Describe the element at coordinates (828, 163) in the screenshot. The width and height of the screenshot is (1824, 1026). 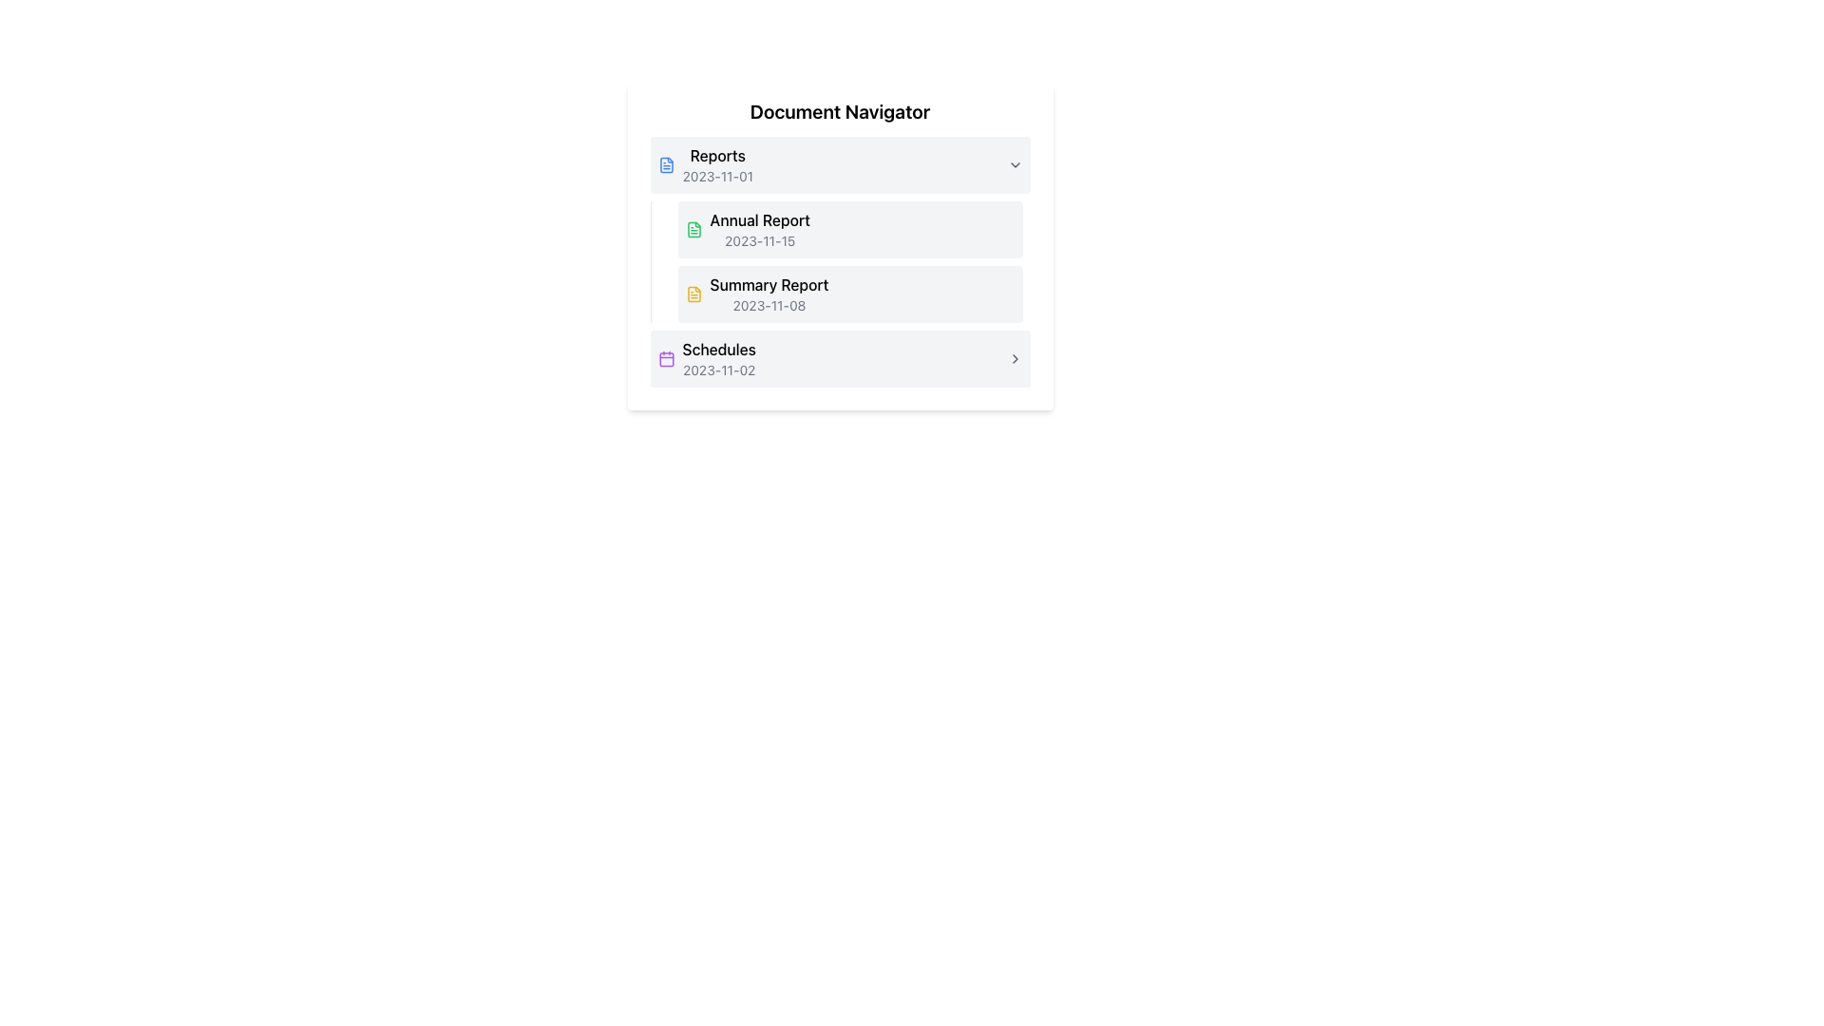
I see `the 'Reports' entry for the date '2023-11-01' in the Document Navigator list` at that location.